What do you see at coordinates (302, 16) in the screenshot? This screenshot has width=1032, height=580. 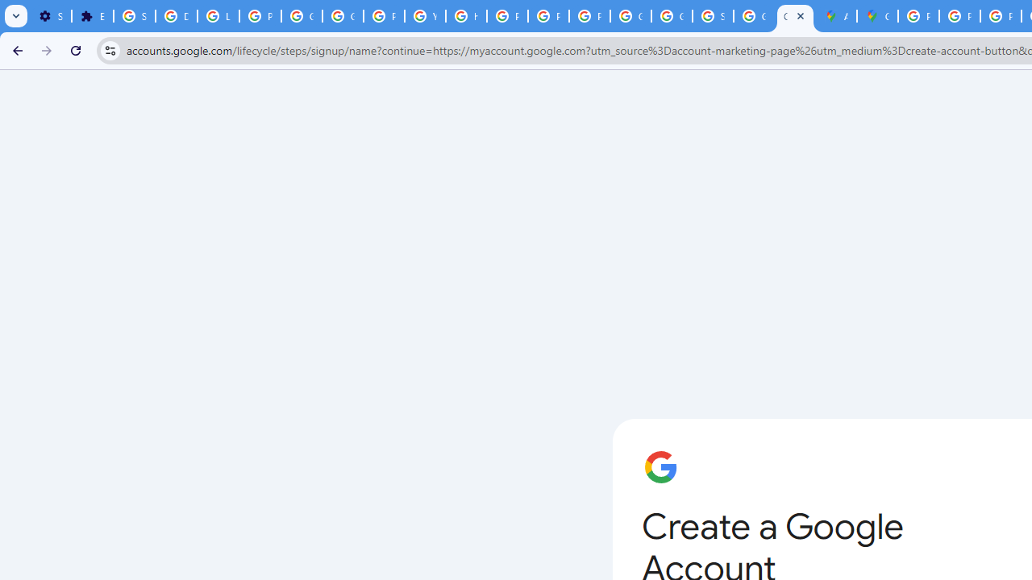 I see `'Google Account Help'` at bounding box center [302, 16].